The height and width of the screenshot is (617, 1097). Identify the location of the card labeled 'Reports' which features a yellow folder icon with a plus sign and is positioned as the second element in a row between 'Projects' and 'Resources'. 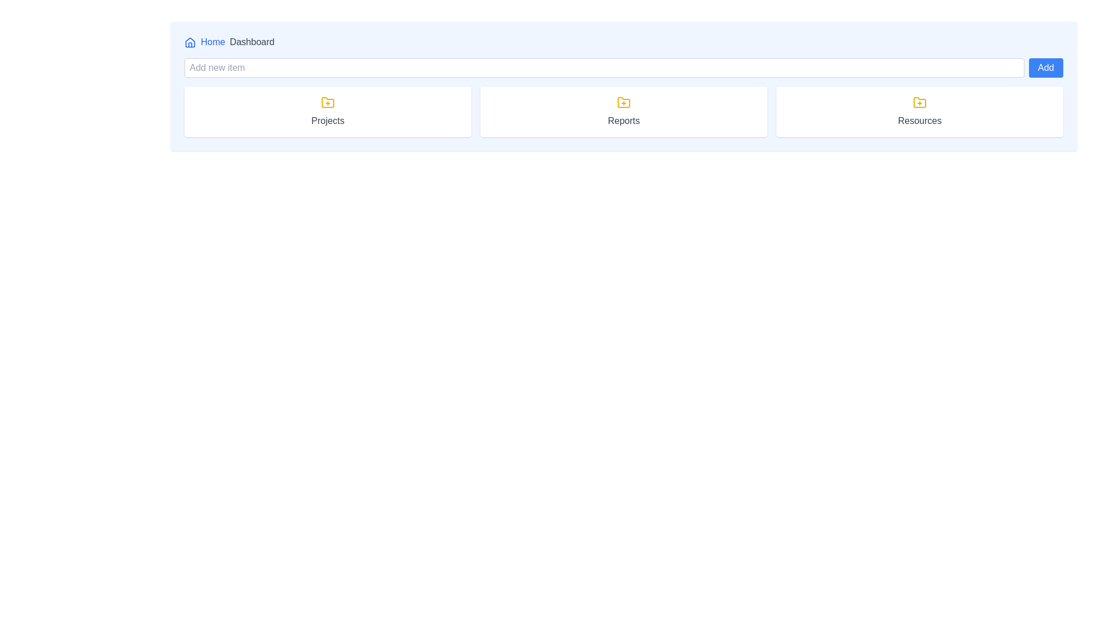
(623, 112).